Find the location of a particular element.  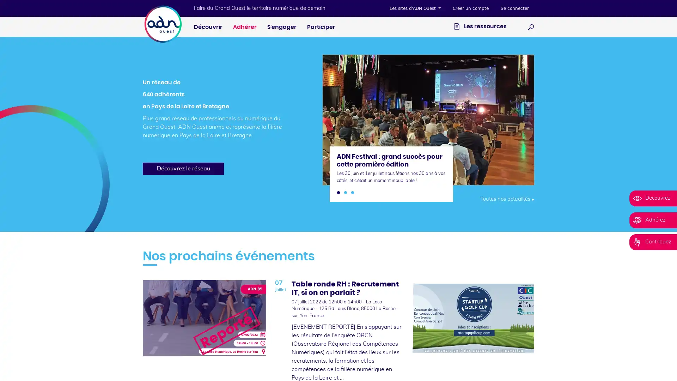

Ouvrir la recherche is located at coordinates (531, 26).